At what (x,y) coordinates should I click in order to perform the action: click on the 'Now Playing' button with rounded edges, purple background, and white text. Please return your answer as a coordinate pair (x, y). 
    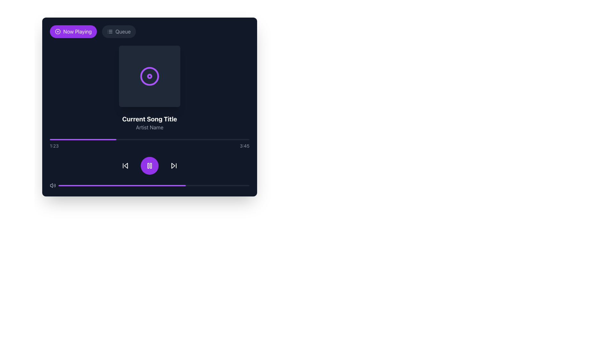
    Looking at the image, I should click on (73, 32).